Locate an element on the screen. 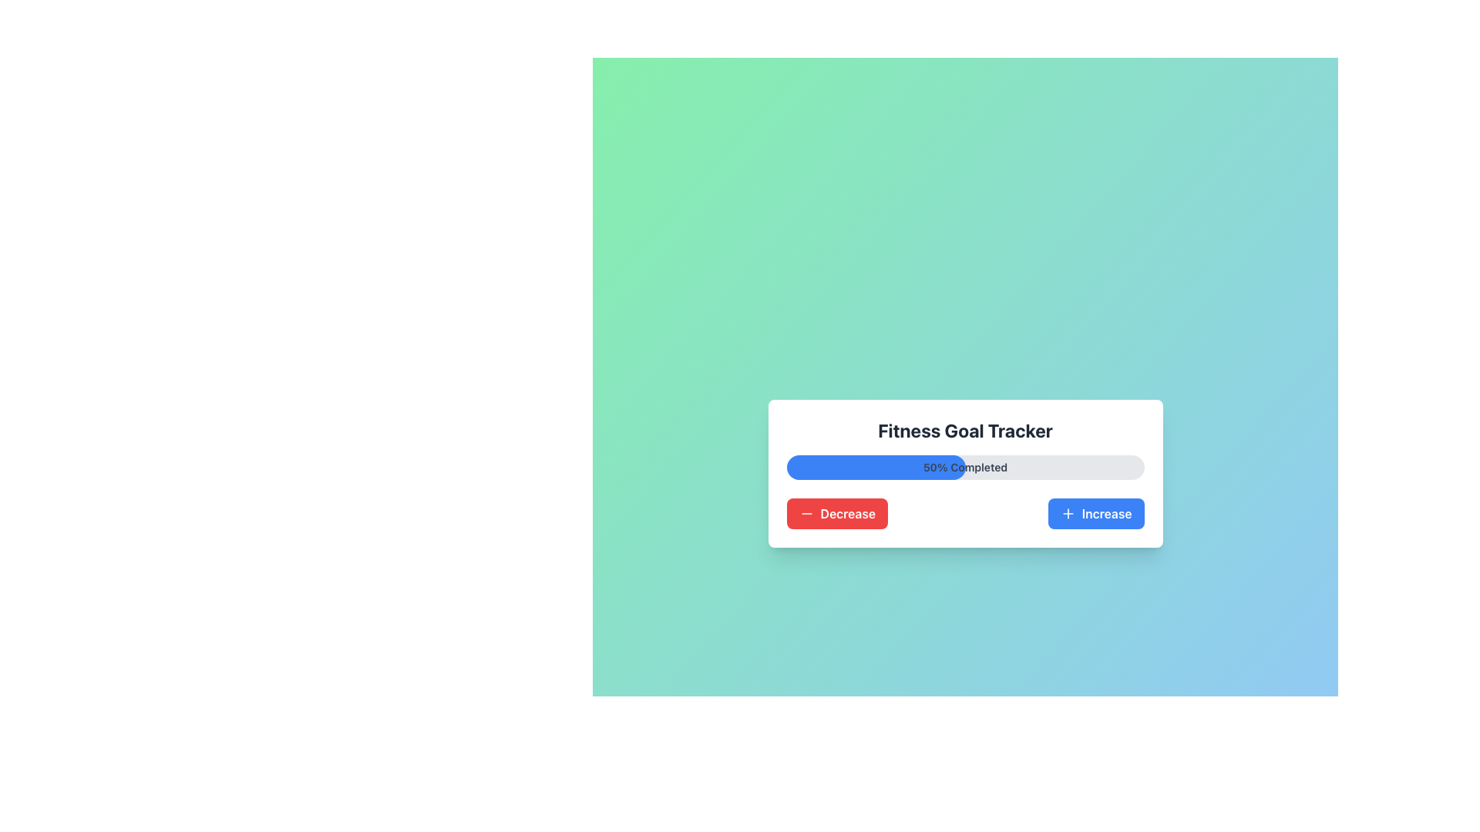  the 'Decrease' button located at the bottom-left of the 'Fitness Goal Tracker' card is located at coordinates (836, 514).